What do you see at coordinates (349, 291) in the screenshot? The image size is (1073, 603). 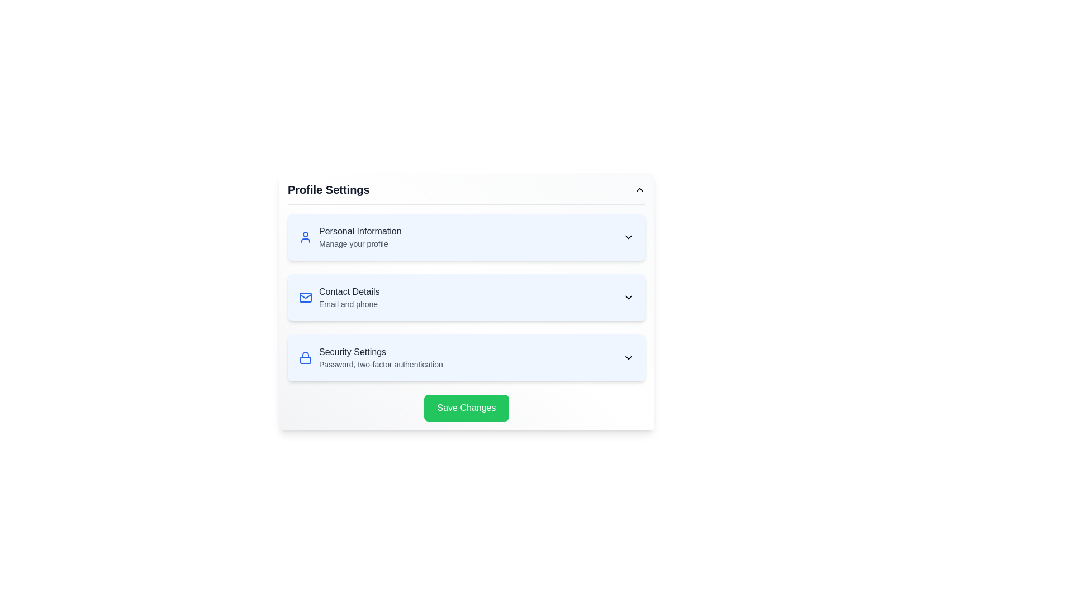 I see `the Text Label that serves as a heading for the contact details section, located in the second collapsible section with a mail icon on the left` at bounding box center [349, 291].